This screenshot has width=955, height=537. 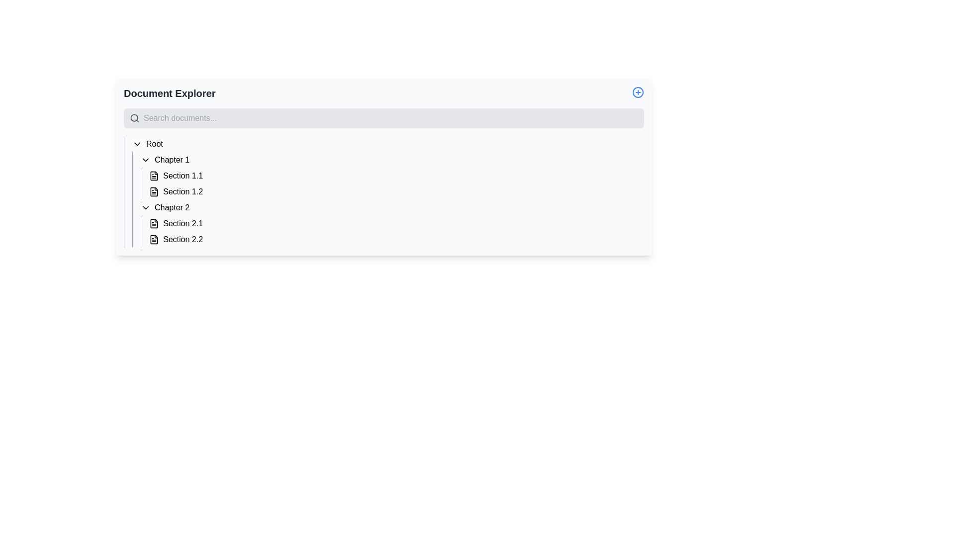 I want to click on the blue circular plus icon located at the top-right corner of the 'Document Explorer' header, so click(x=638, y=92).